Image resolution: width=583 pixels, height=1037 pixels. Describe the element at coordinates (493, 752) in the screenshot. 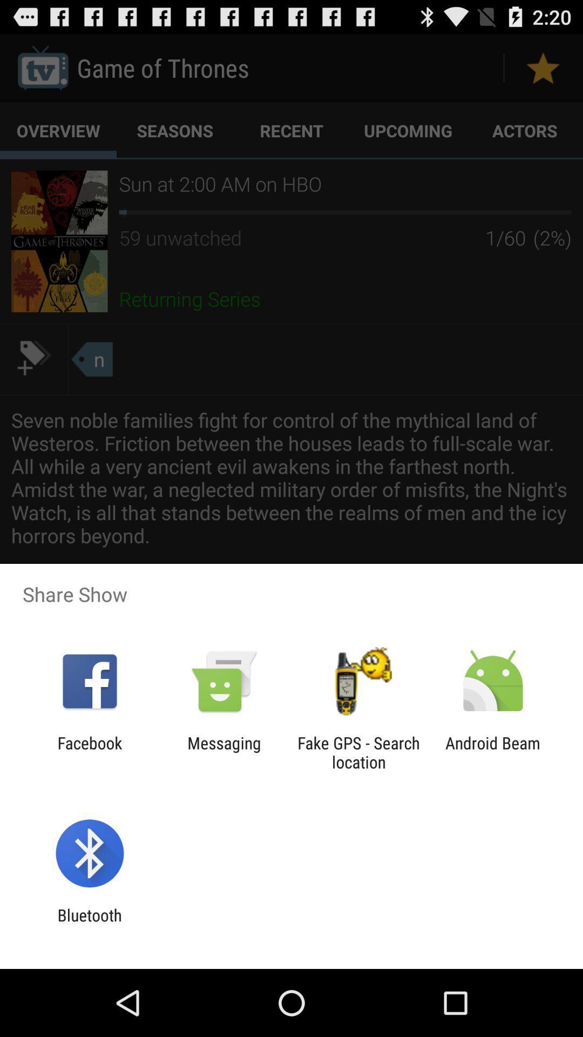

I see `android beam item` at that location.